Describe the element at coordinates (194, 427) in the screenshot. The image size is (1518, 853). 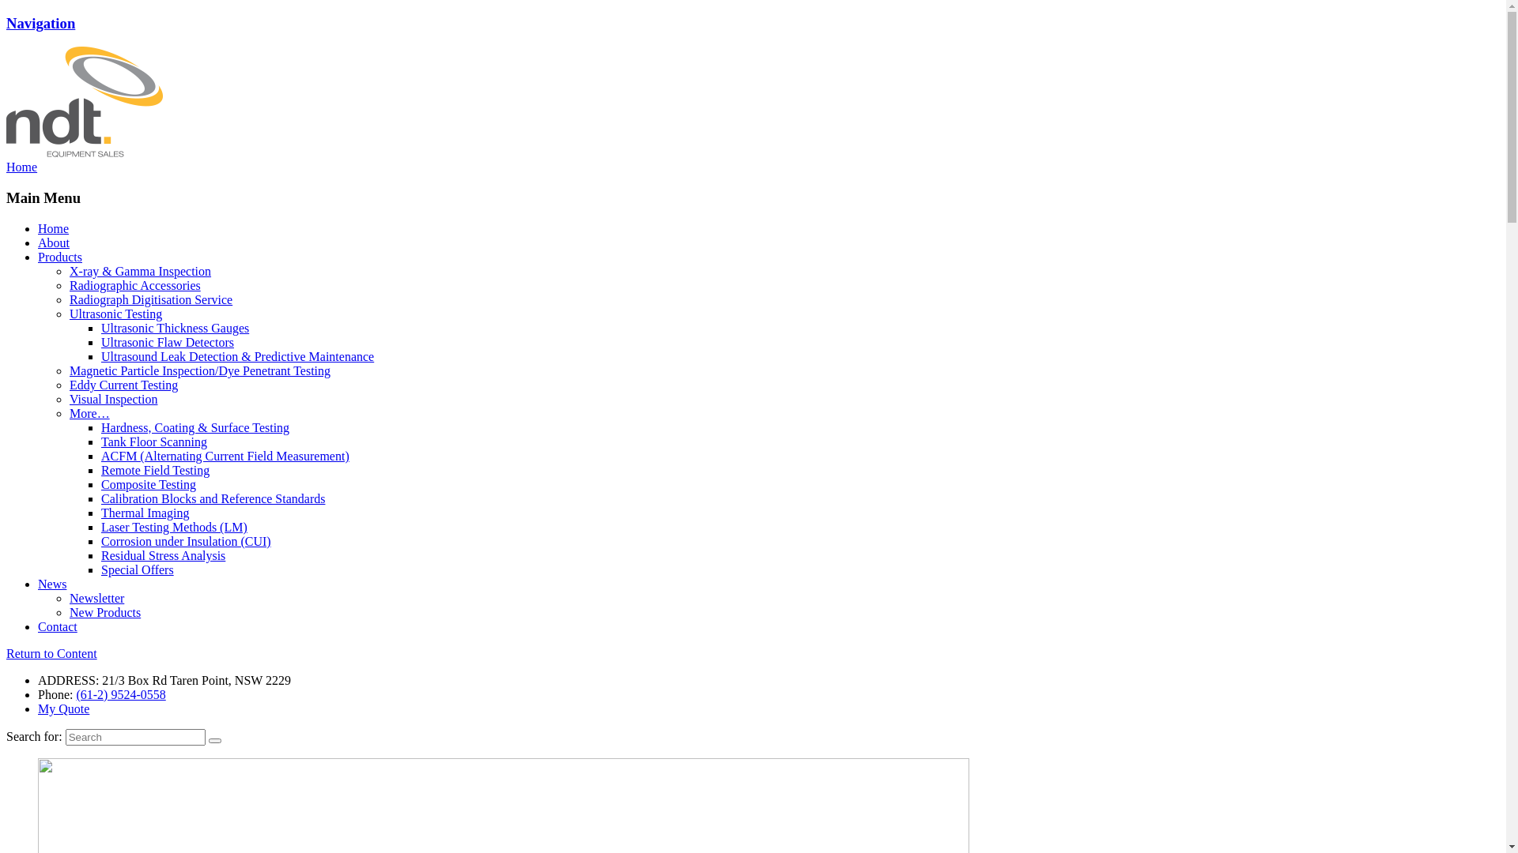
I see `'Hardness, Coating & Surface Testing'` at that location.